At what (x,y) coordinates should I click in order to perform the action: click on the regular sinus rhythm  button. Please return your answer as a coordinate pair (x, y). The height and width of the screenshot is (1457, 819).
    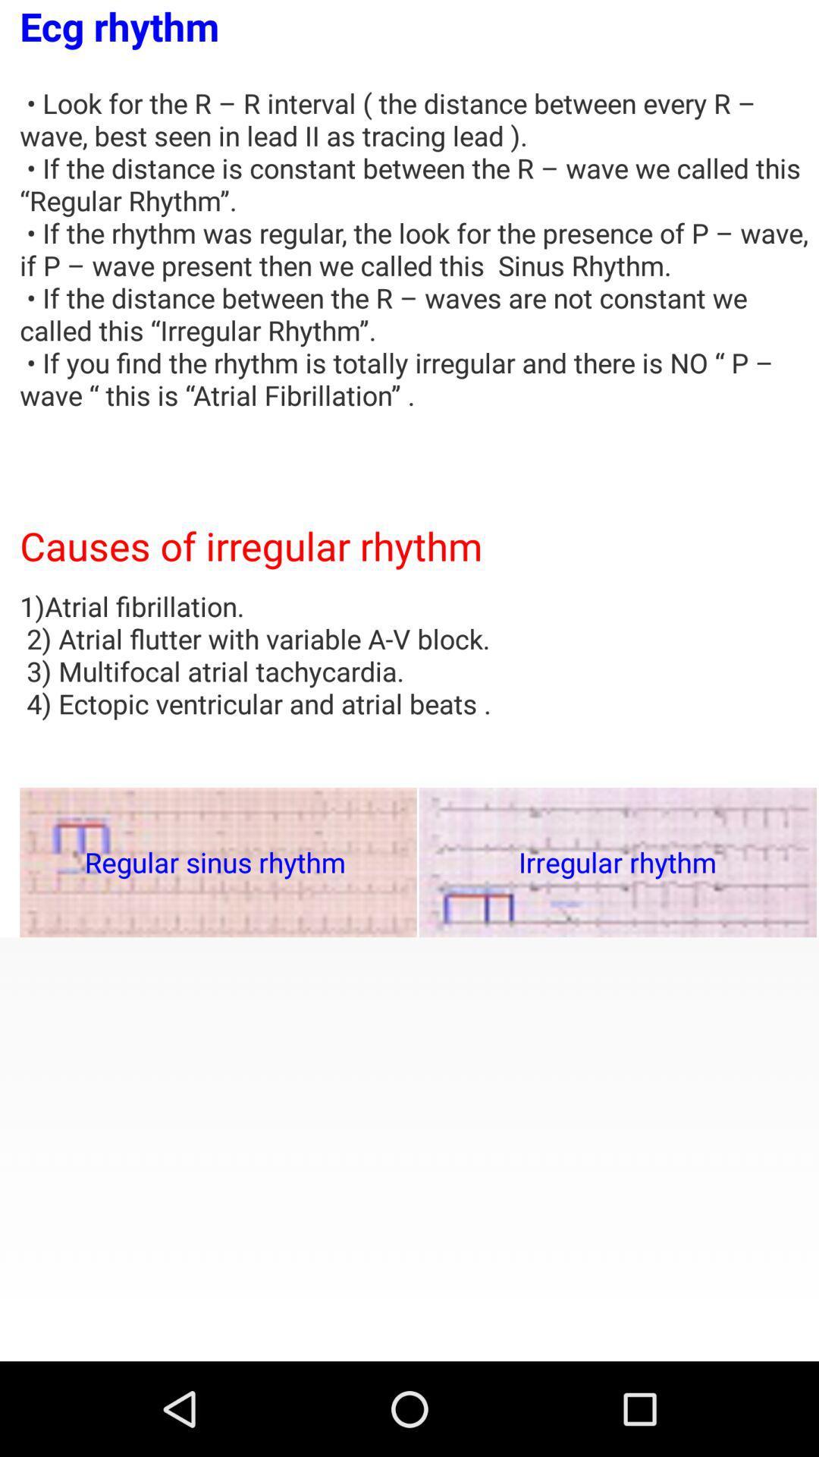
    Looking at the image, I should click on (218, 862).